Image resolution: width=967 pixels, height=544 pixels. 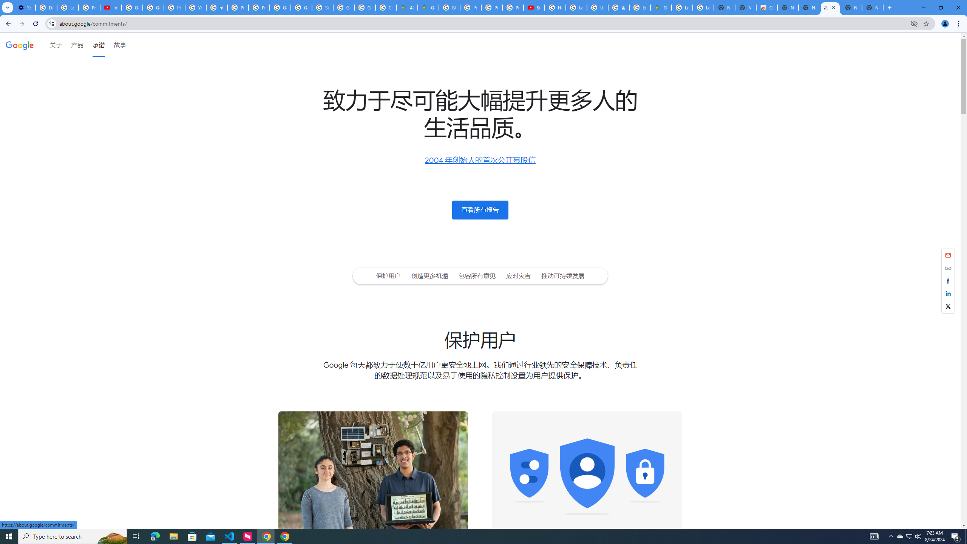 I want to click on 'Learn how to find your photos - Google Photos Help', so click(x=68, y=7).